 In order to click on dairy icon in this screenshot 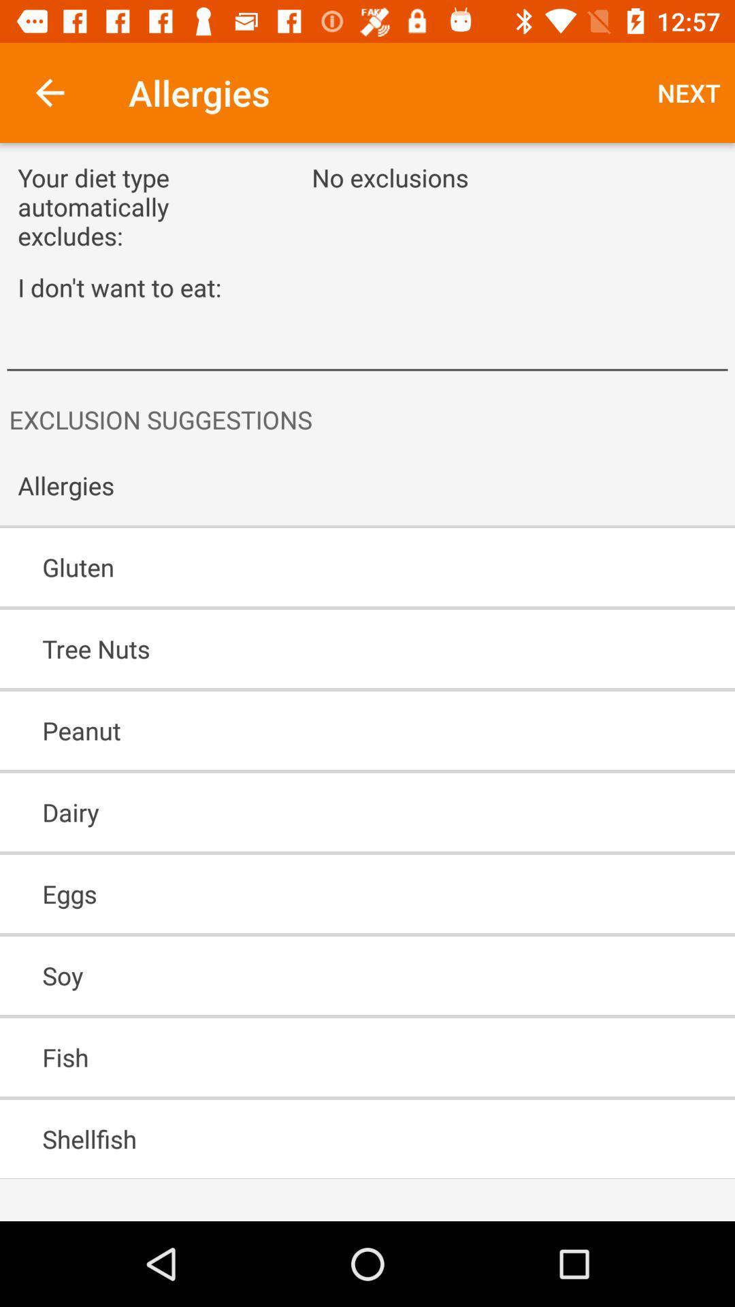, I will do `click(328, 812)`.